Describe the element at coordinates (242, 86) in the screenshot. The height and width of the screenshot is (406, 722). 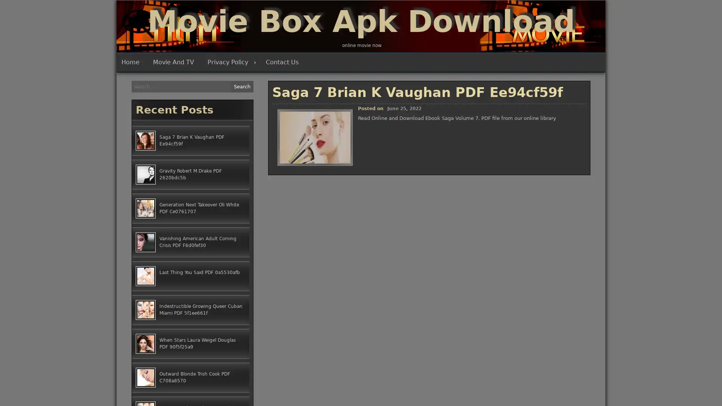
I see `Search` at that location.